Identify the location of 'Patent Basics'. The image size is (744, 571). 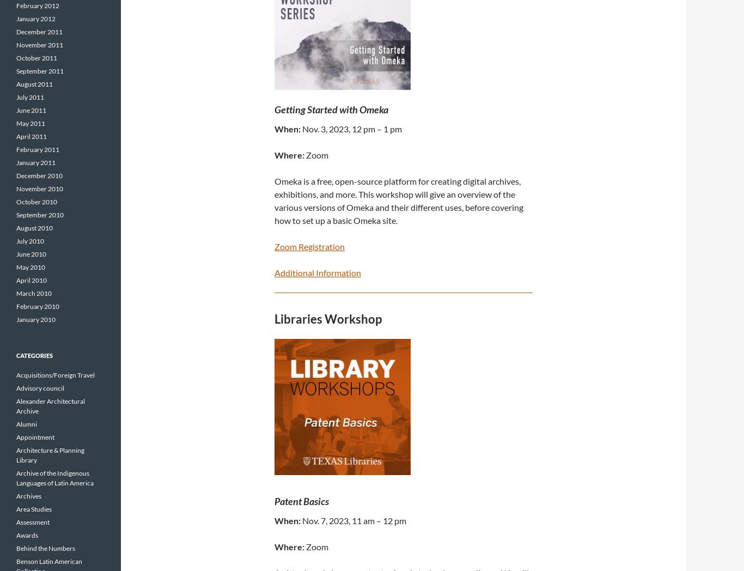
(302, 500).